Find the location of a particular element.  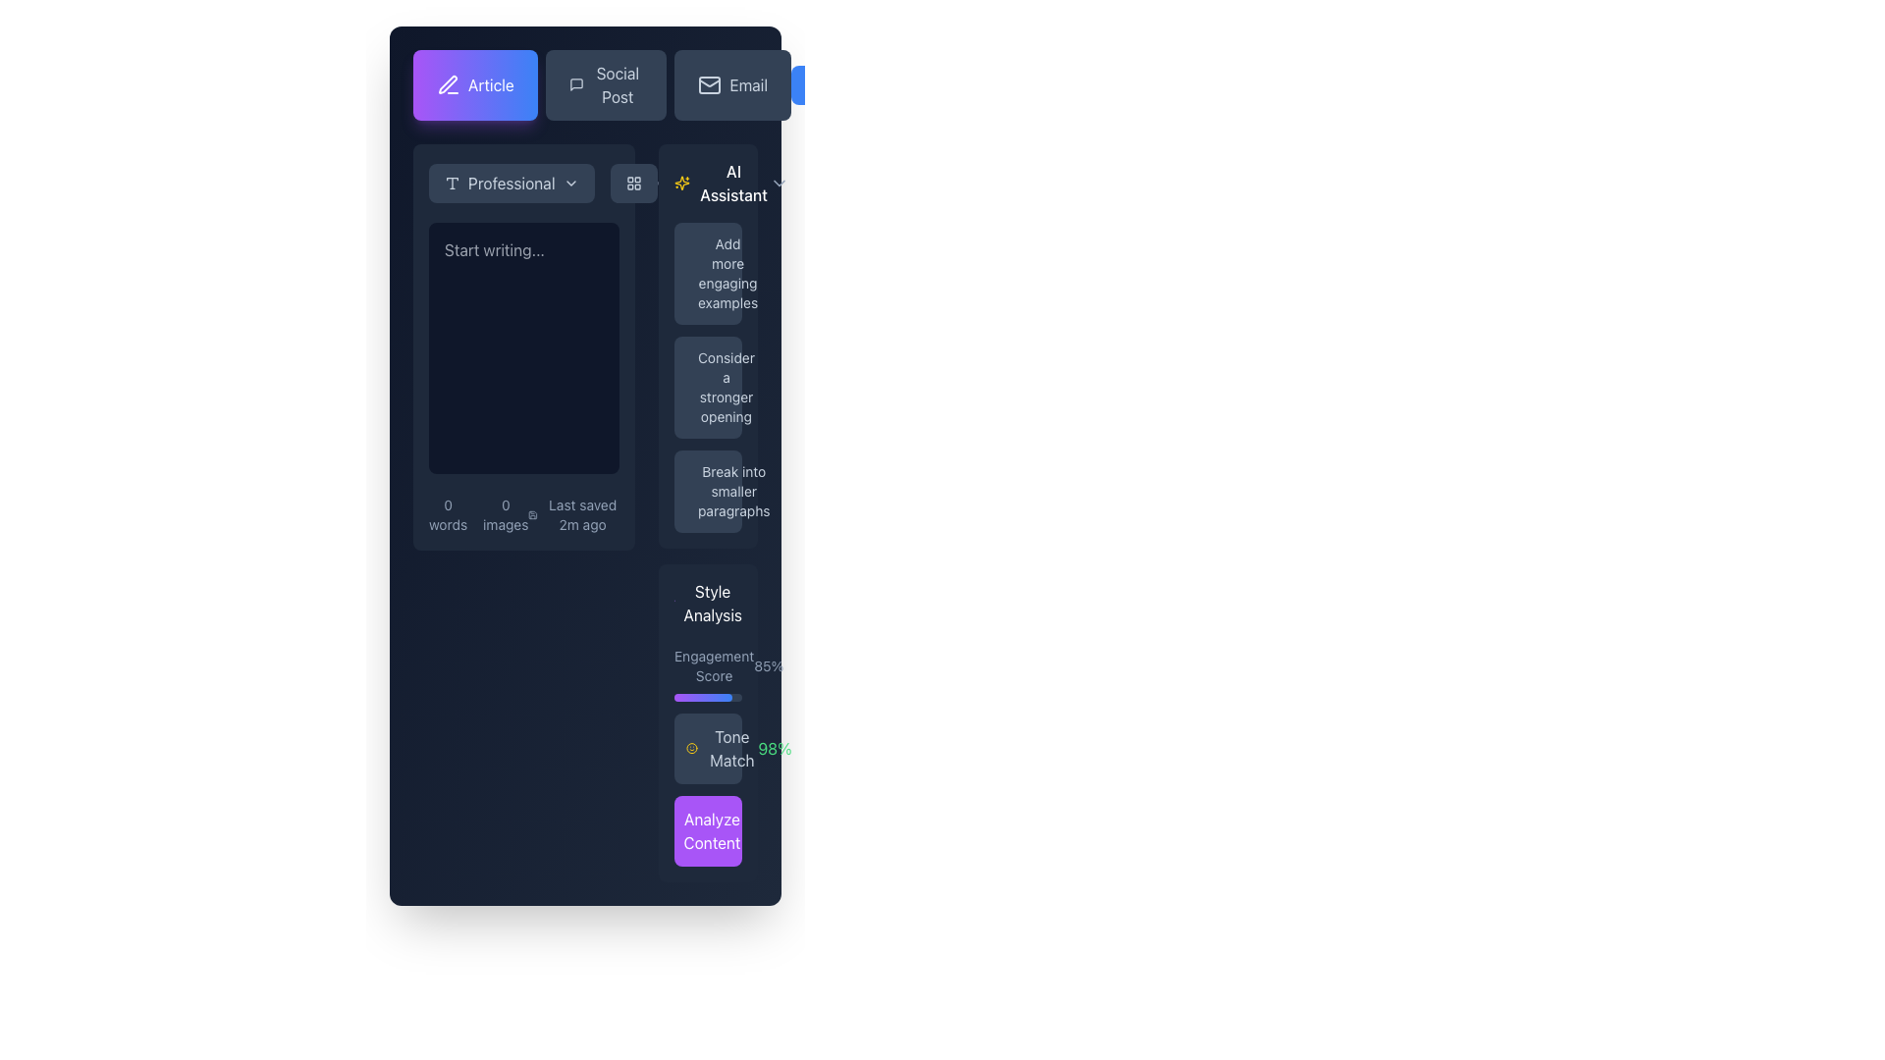

the analysis button located at the bottom of the vertical sidebar, below the sections 'Style Analysis,' 'Engagement Score,' and 'Tone Match' is located at coordinates (711, 831).